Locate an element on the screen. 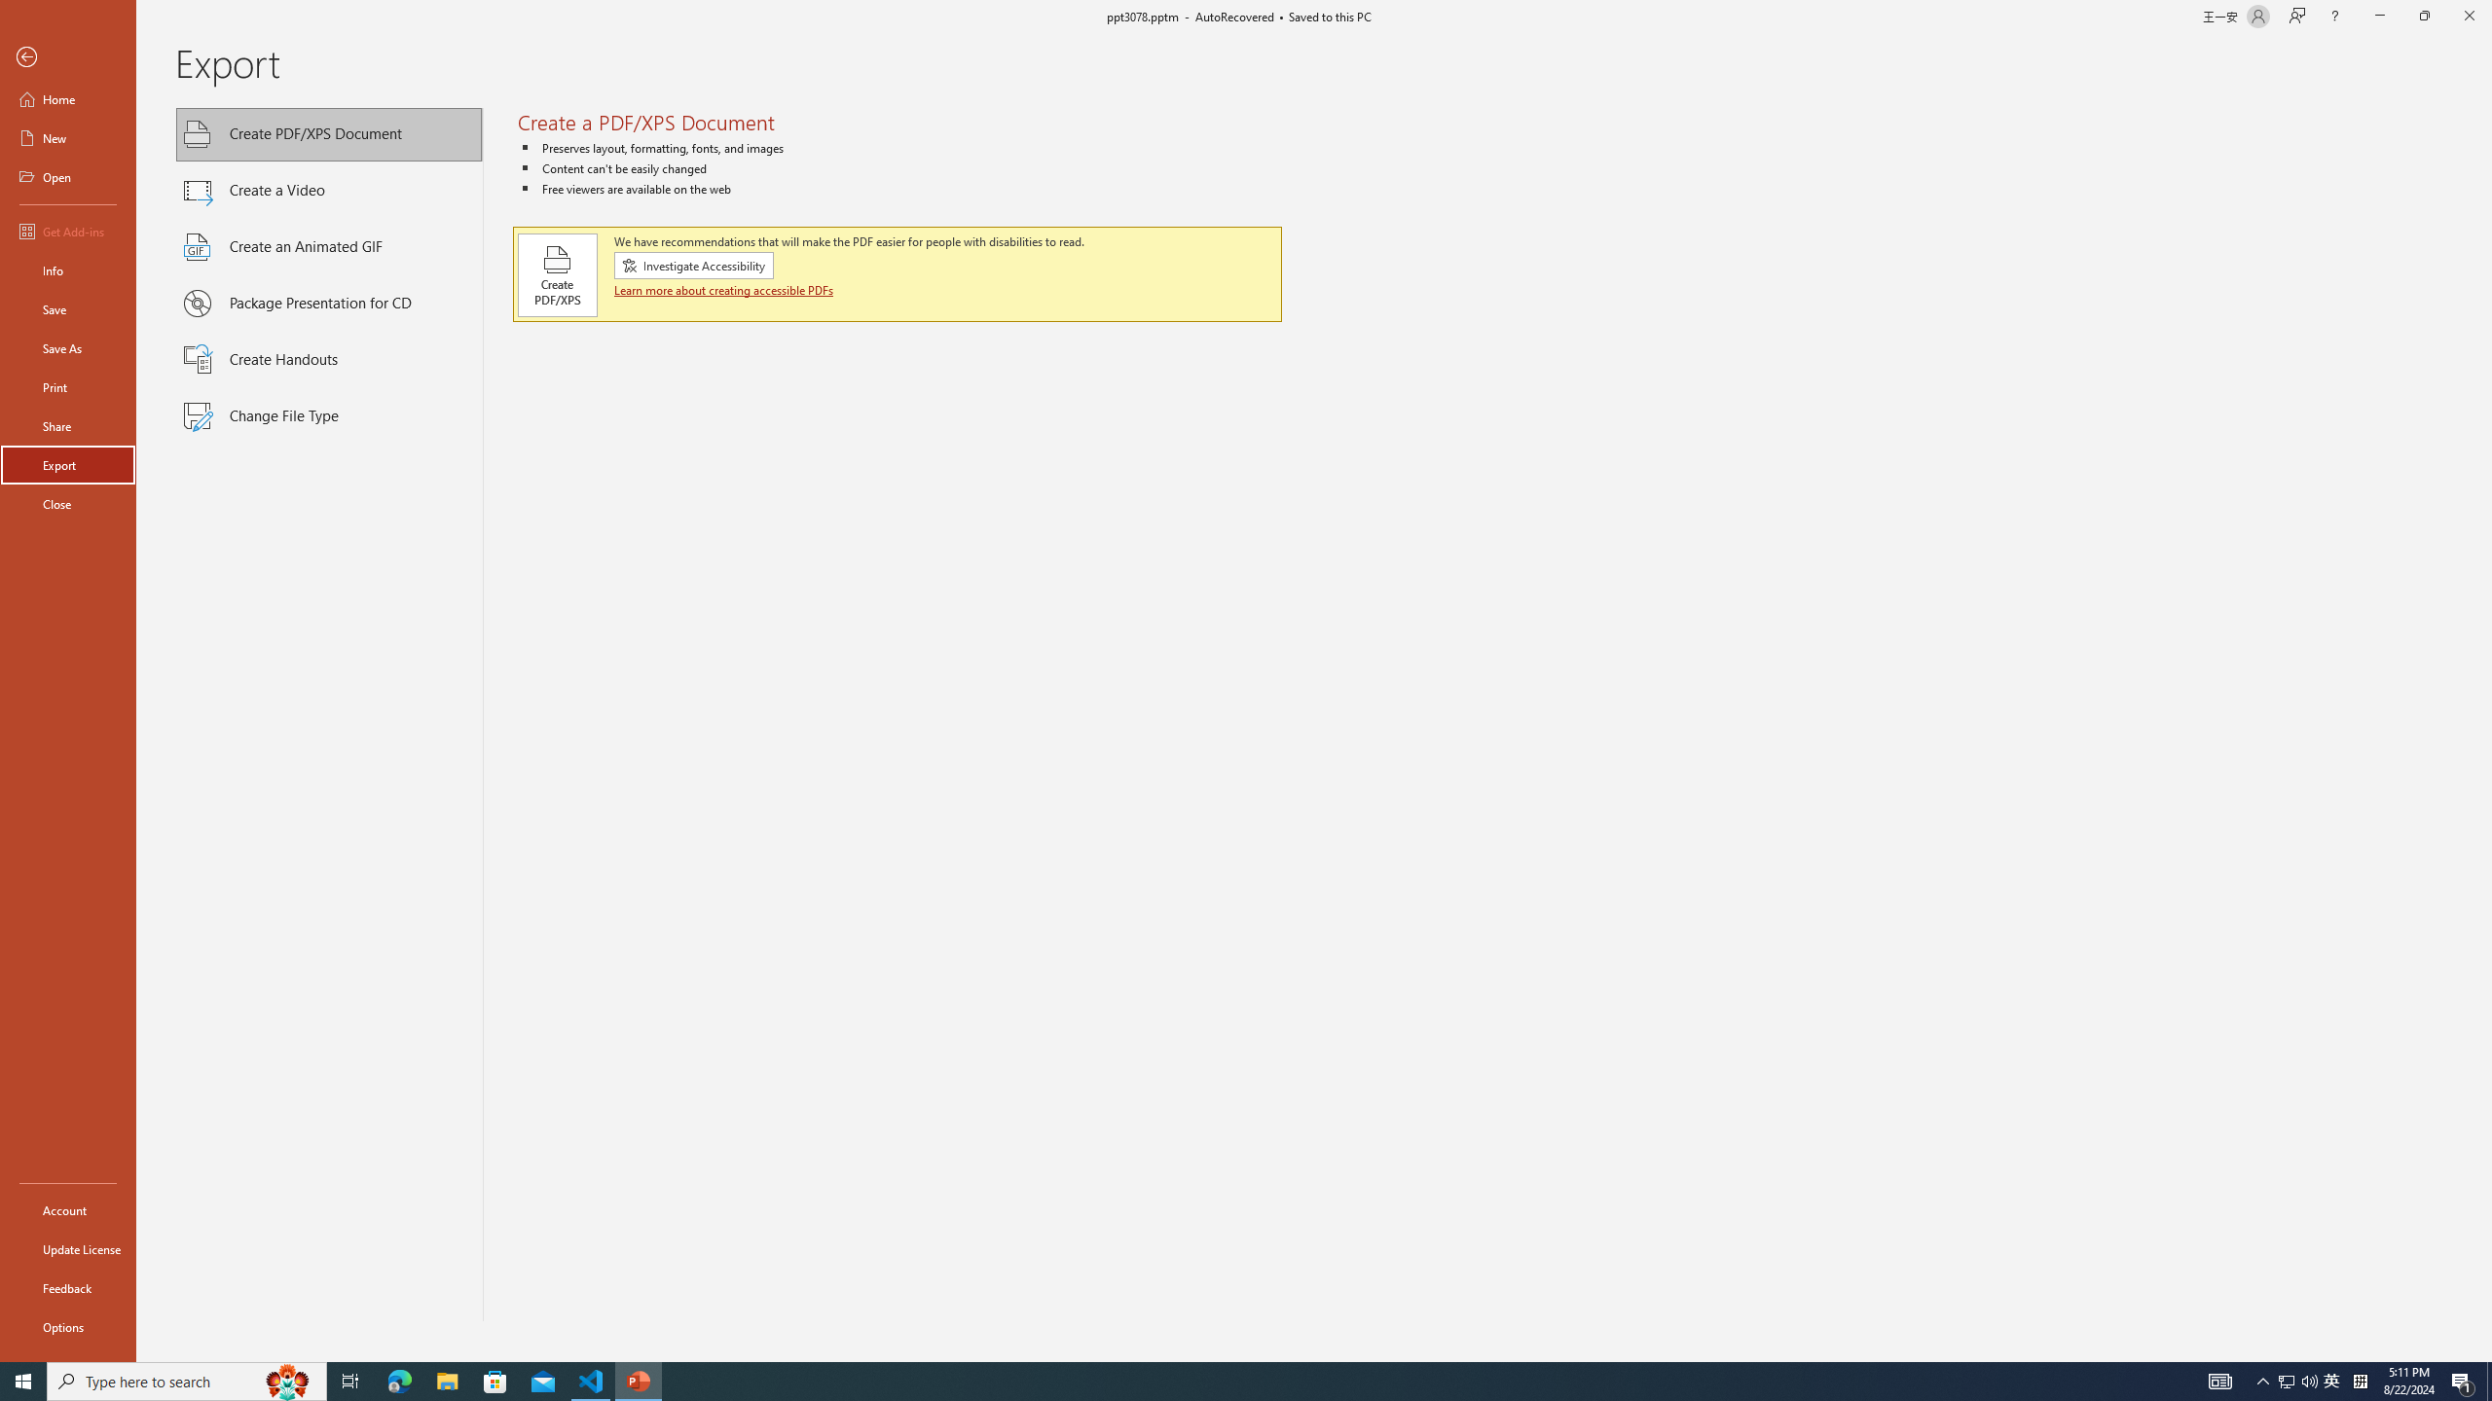 Image resolution: width=2492 pixels, height=1401 pixels. 'Export' is located at coordinates (67, 465).